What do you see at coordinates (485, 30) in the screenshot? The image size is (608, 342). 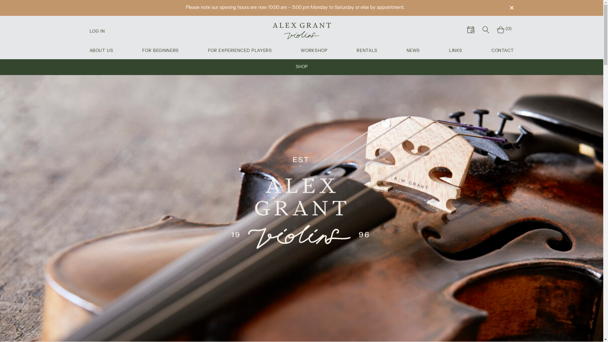 I see `'Search'` at bounding box center [485, 30].